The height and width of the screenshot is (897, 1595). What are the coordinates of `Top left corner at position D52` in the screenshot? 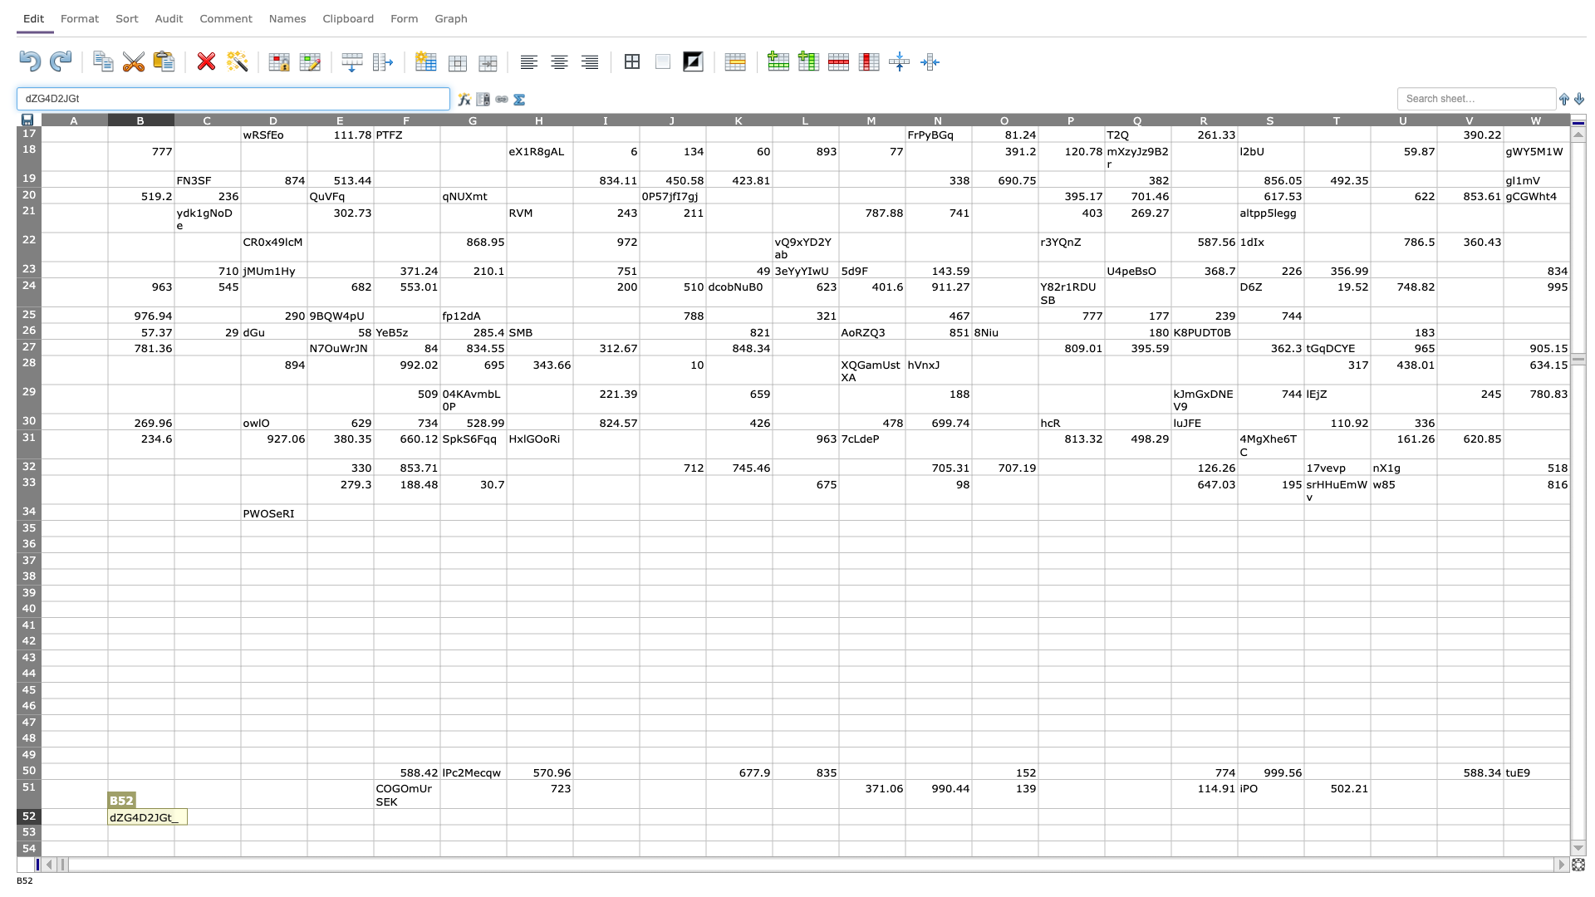 It's located at (239, 807).